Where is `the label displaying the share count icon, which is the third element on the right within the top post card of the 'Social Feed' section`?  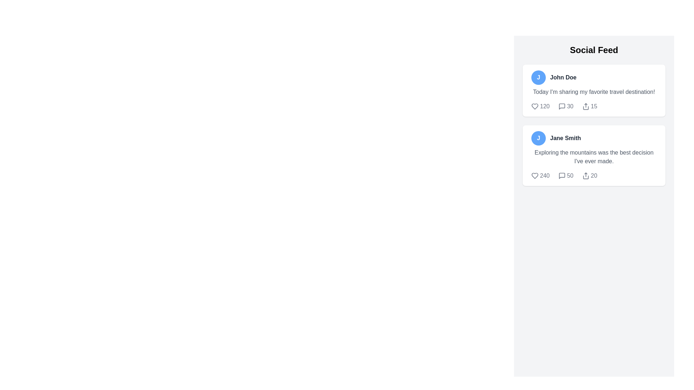 the label displaying the share count icon, which is the third element on the right within the top post card of the 'Social Feed' section is located at coordinates (590, 106).